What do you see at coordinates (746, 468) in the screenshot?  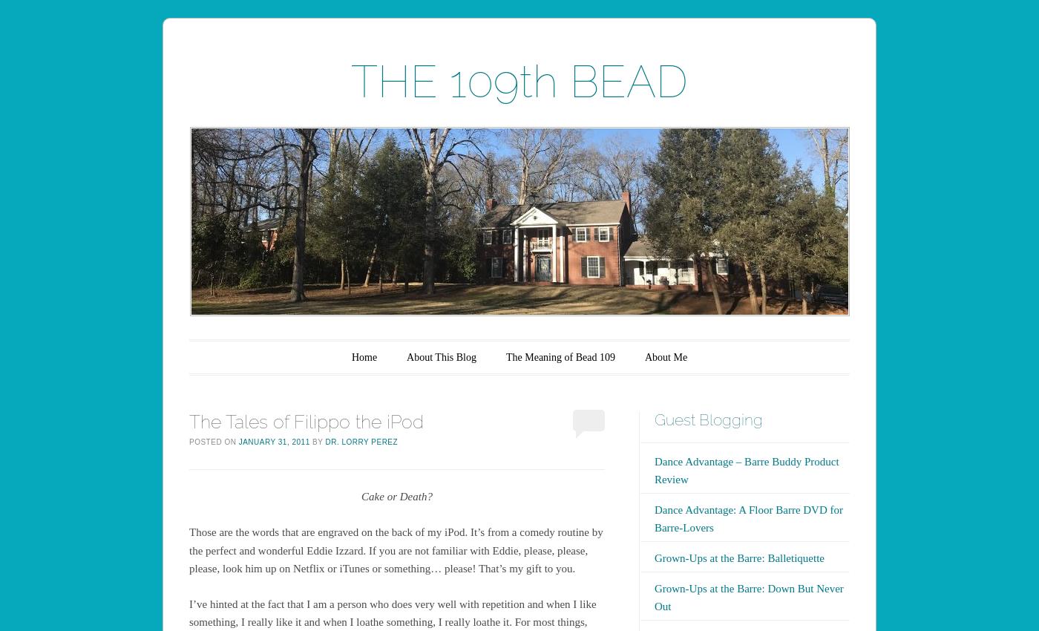 I see `'Dance Advantage – Barre Buddy Product Review'` at bounding box center [746, 468].